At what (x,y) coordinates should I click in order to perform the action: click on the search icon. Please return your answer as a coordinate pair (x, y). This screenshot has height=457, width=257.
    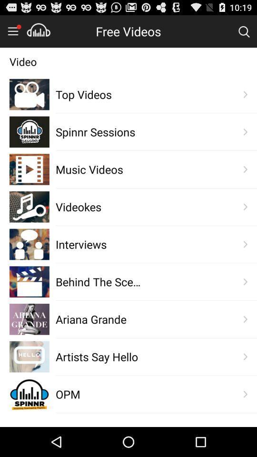
    Looking at the image, I should click on (244, 33).